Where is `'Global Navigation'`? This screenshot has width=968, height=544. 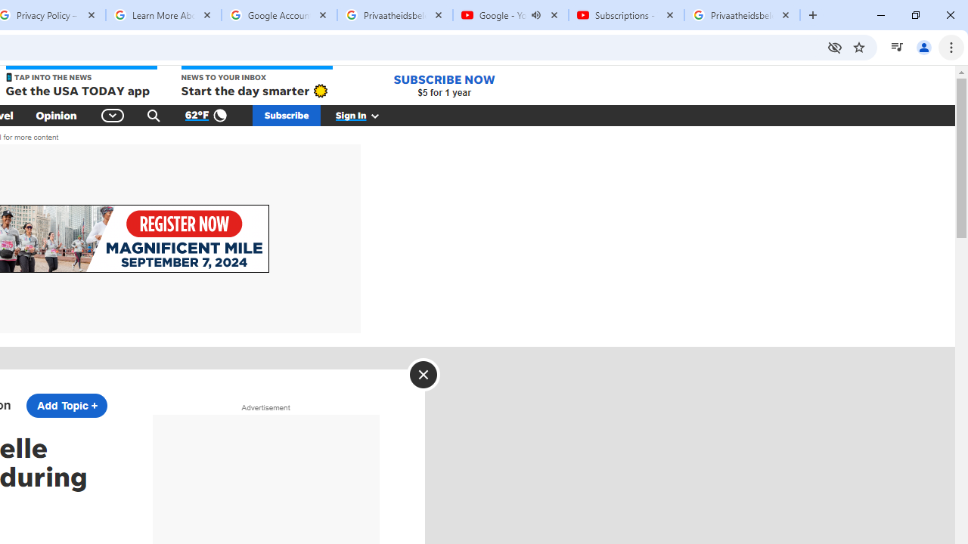
'Global Navigation' is located at coordinates (112, 115).